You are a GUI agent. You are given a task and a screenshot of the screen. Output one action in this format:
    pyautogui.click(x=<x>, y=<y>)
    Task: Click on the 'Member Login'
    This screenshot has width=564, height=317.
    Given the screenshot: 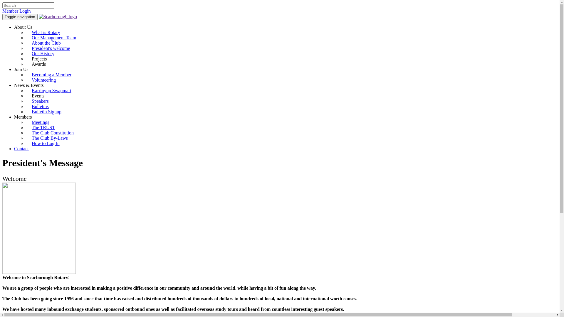 What is the action you would take?
    pyautogui.click(x=16, y=11)
    